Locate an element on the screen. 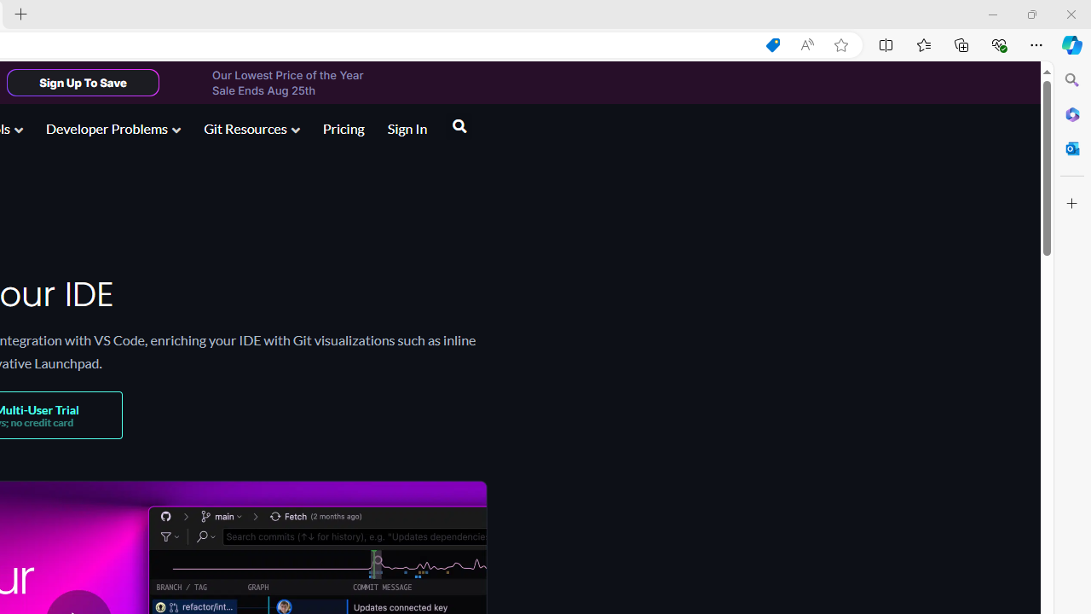 The image size is (1091, 614). 'Sign In' is located at coordinates (407, 130).